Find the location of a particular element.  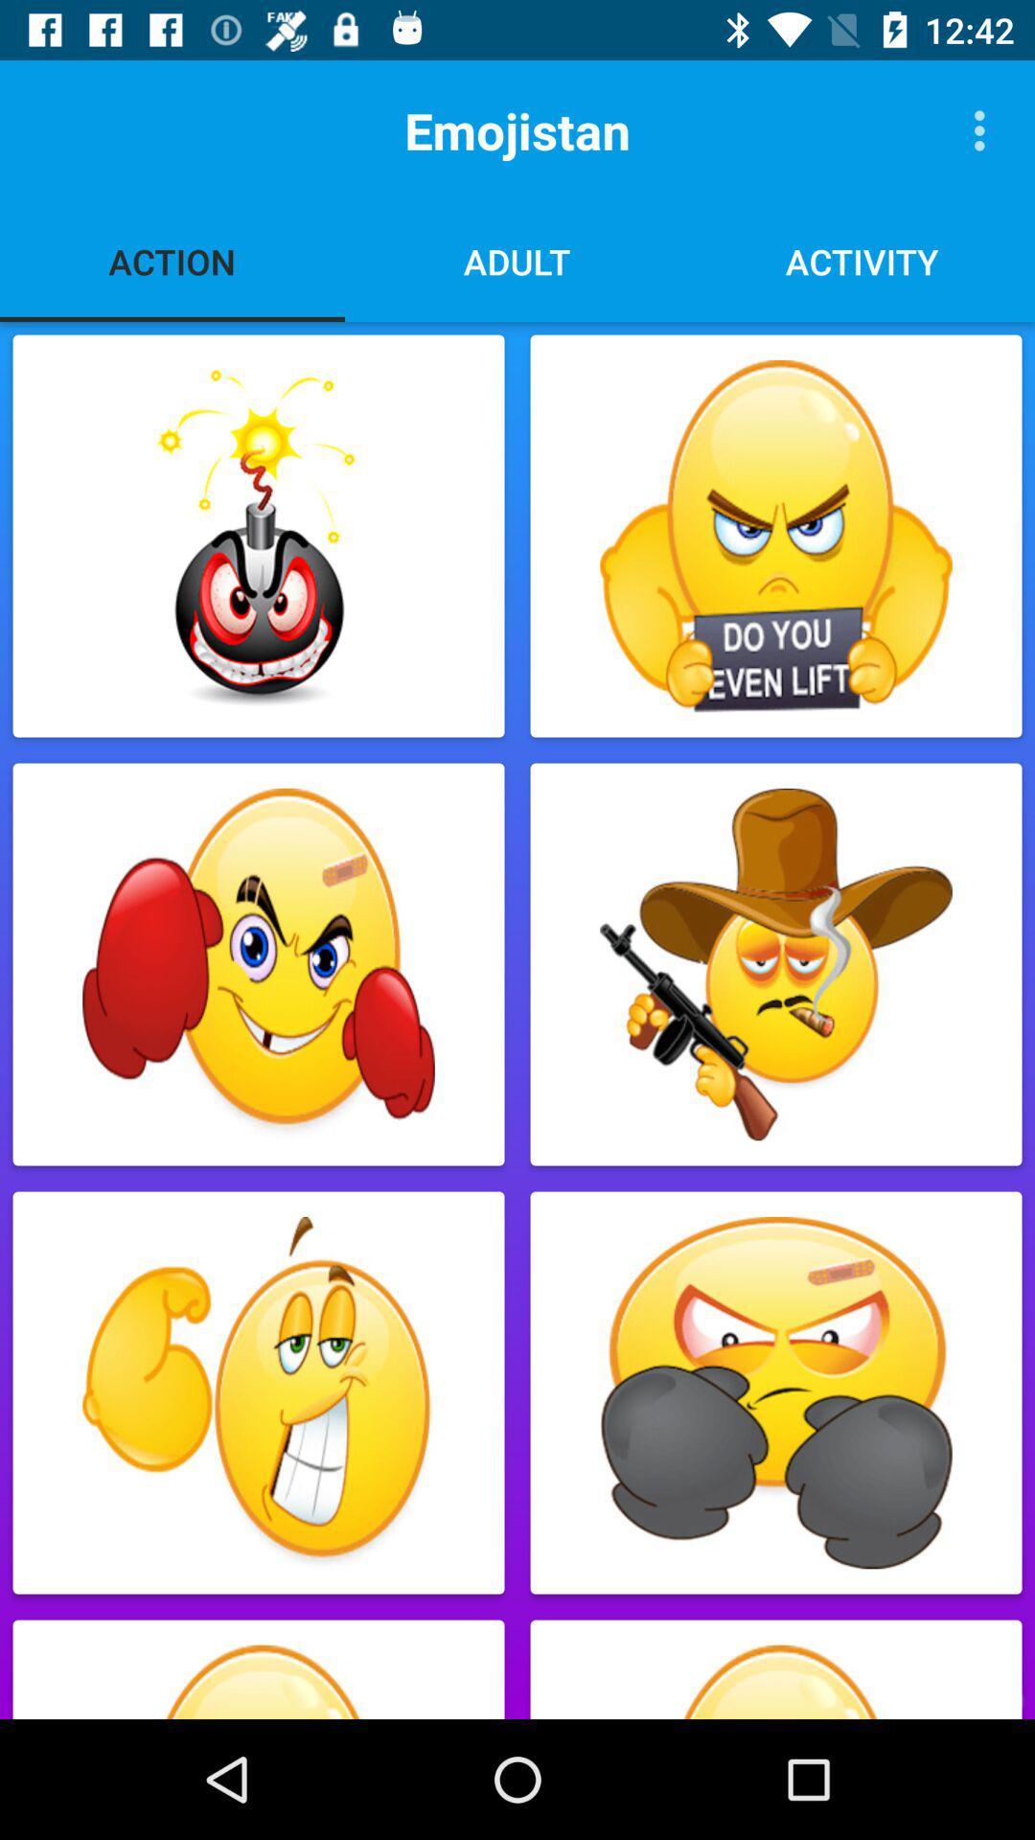

the item next to the emojistan icon is located at coordinates (984, 129).